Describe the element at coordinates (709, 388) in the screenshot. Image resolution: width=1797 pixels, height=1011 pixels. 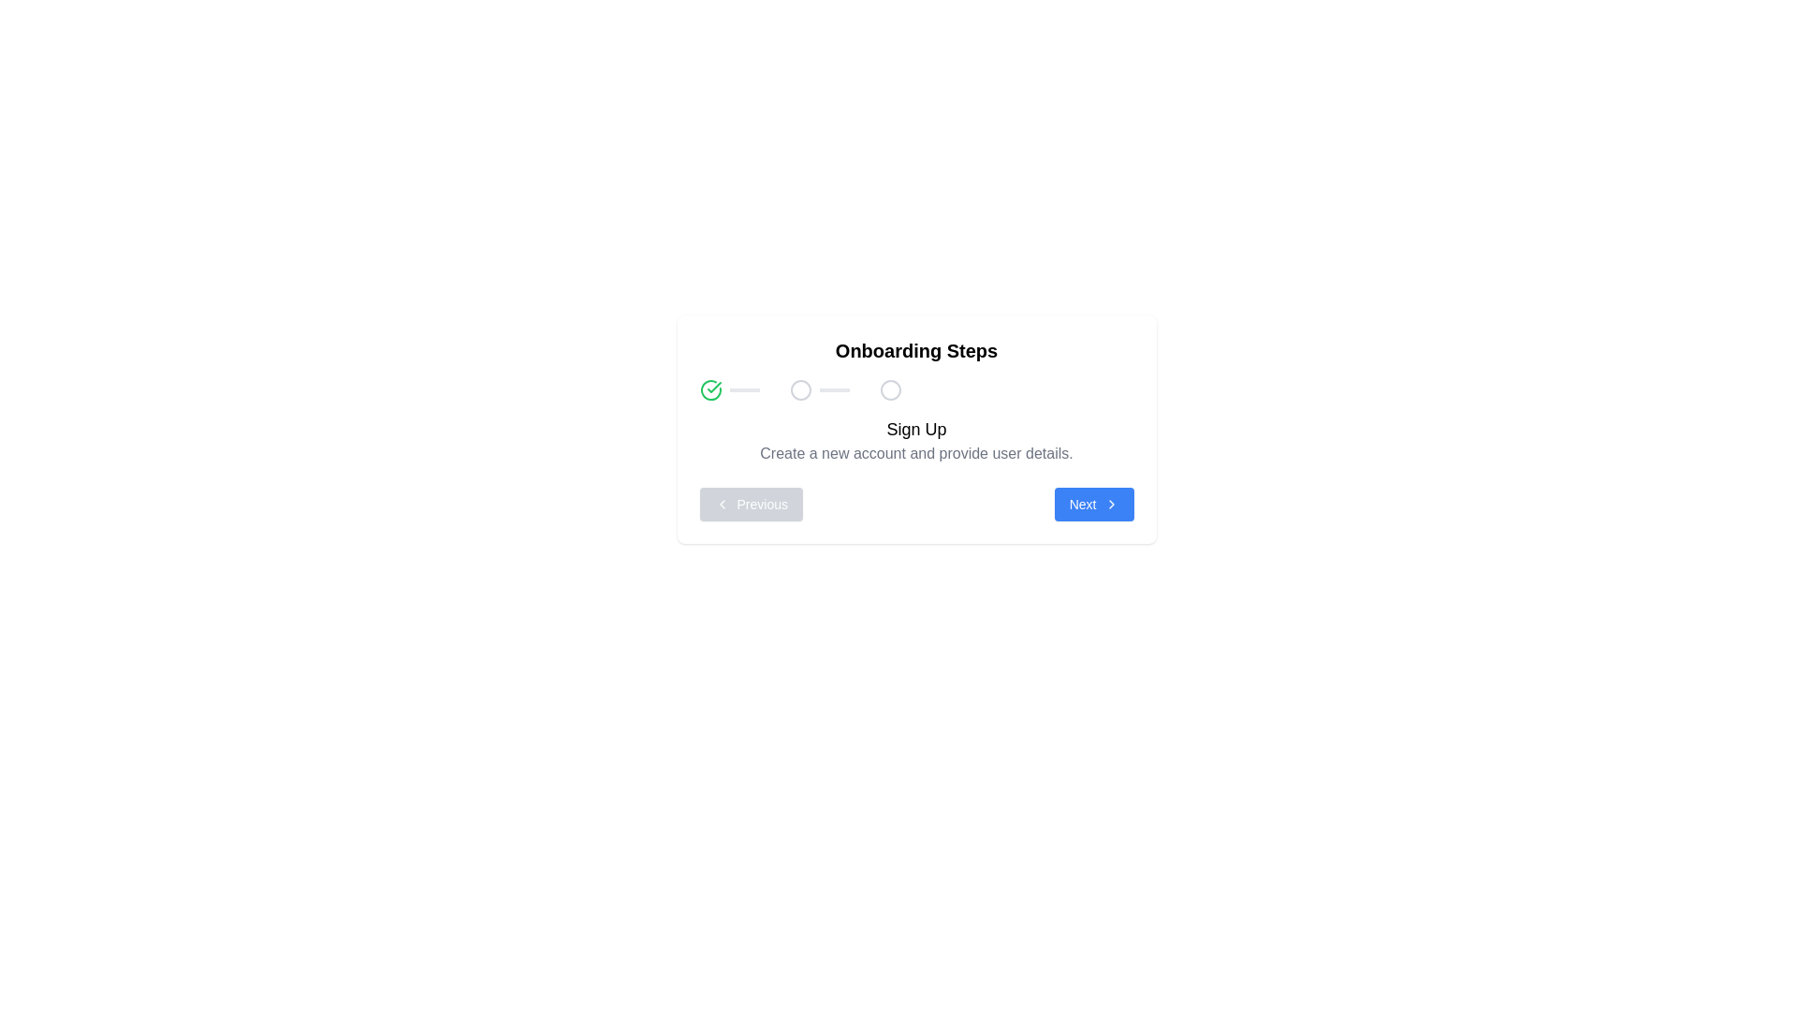
I see `the top part of the circular progression indicator icon with a check mark, which is the first in the row of three markers` at that location.